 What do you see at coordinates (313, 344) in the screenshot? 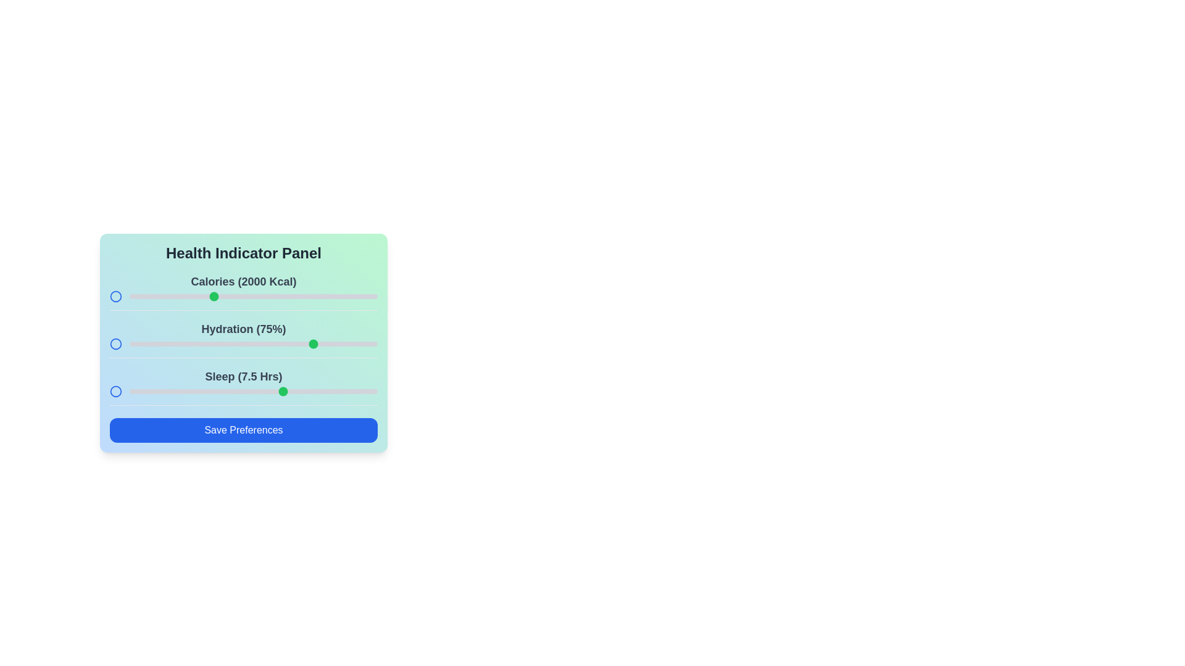
I see `the hydration slider to 74%` at bounding box center [313, 344].